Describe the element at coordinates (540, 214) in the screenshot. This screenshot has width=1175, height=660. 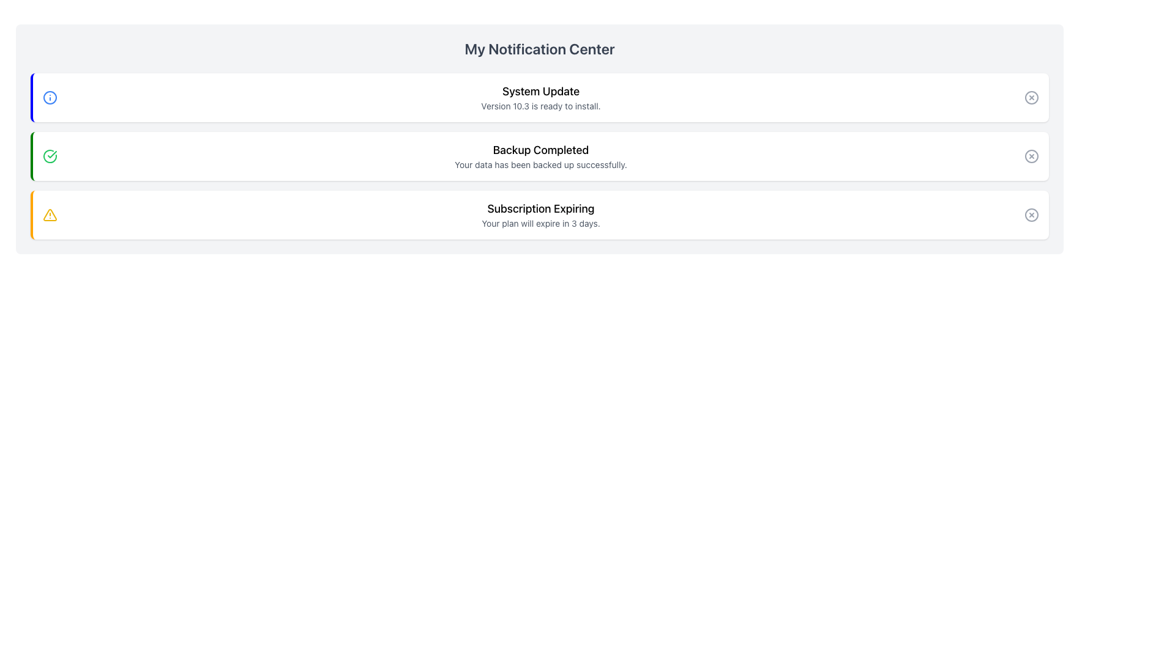
I see `informational text within the Notification text block that contains the bold header 'Subscription Expiring' and the message 'Your plan will expire in 3 days.'` at that location.